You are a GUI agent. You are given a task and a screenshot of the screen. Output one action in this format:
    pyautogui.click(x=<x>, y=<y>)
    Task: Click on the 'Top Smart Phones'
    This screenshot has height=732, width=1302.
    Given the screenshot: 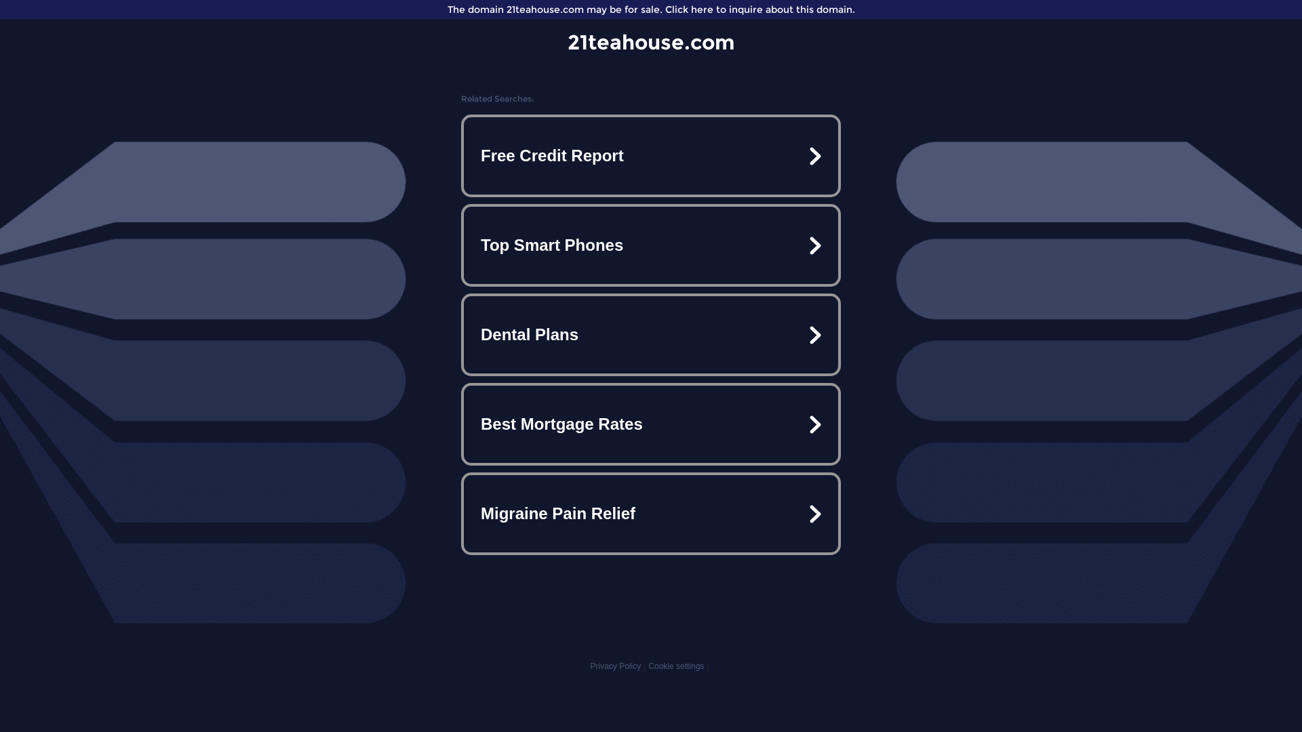 What is the action you would take?
    pyautogui.click(x=651, y=245)
    